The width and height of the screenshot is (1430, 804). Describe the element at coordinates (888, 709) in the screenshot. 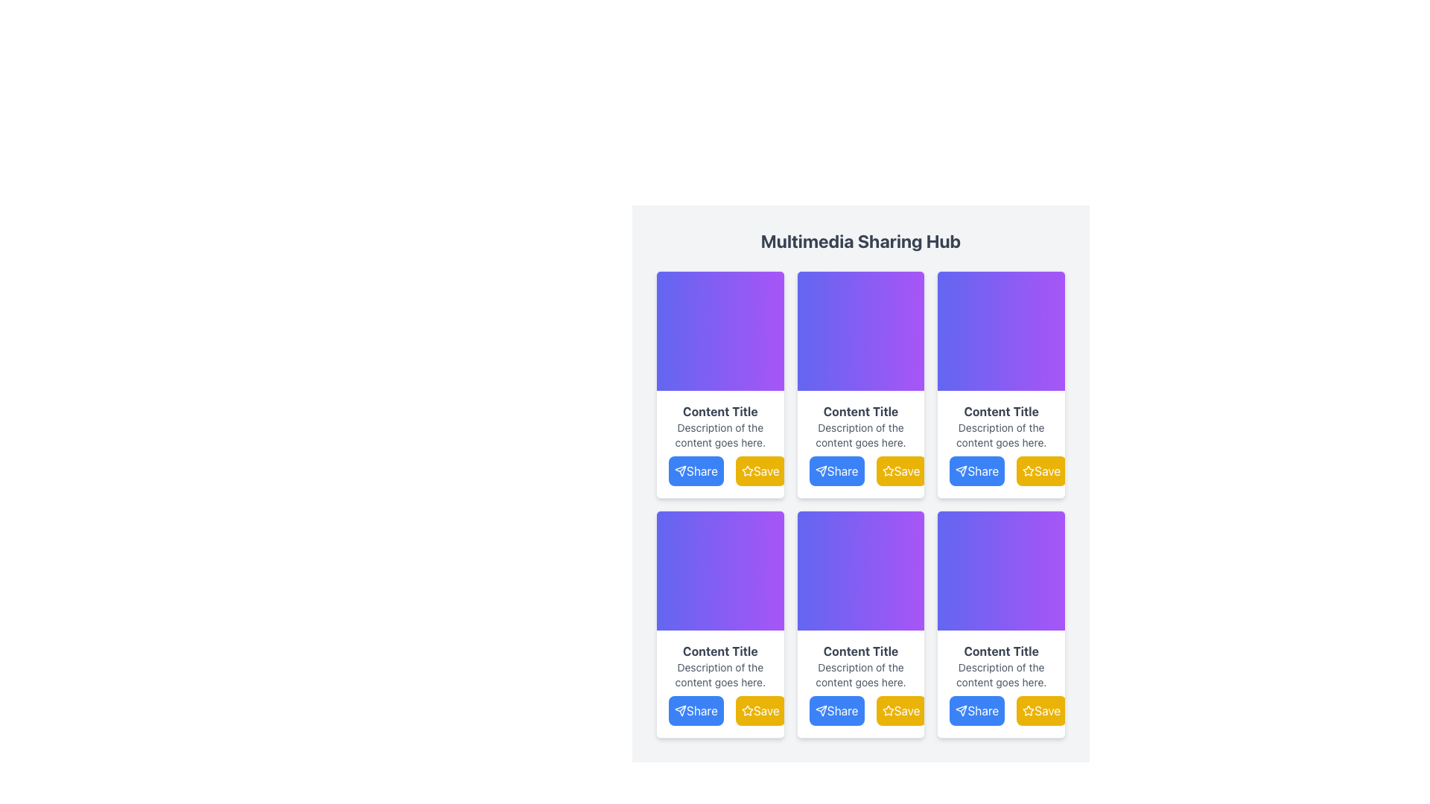

I see `the star icon button, which is a yellow star-shaped icon located in the bottom-right corner of the fourth content card` at that location.